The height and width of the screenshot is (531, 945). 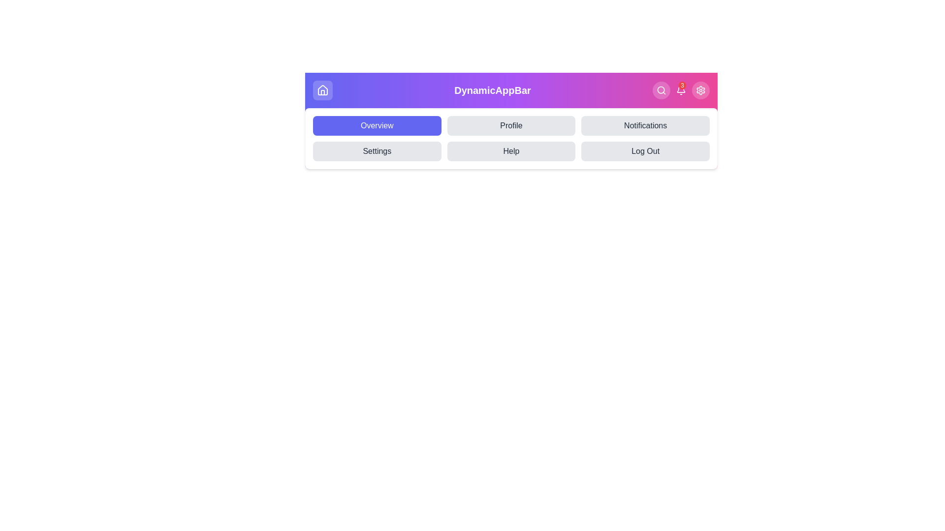 What do you see at coordinates (377, 151) in the screenshot?
I see `the Settings tab in the navigation menu` at bounding box center [377, 151].